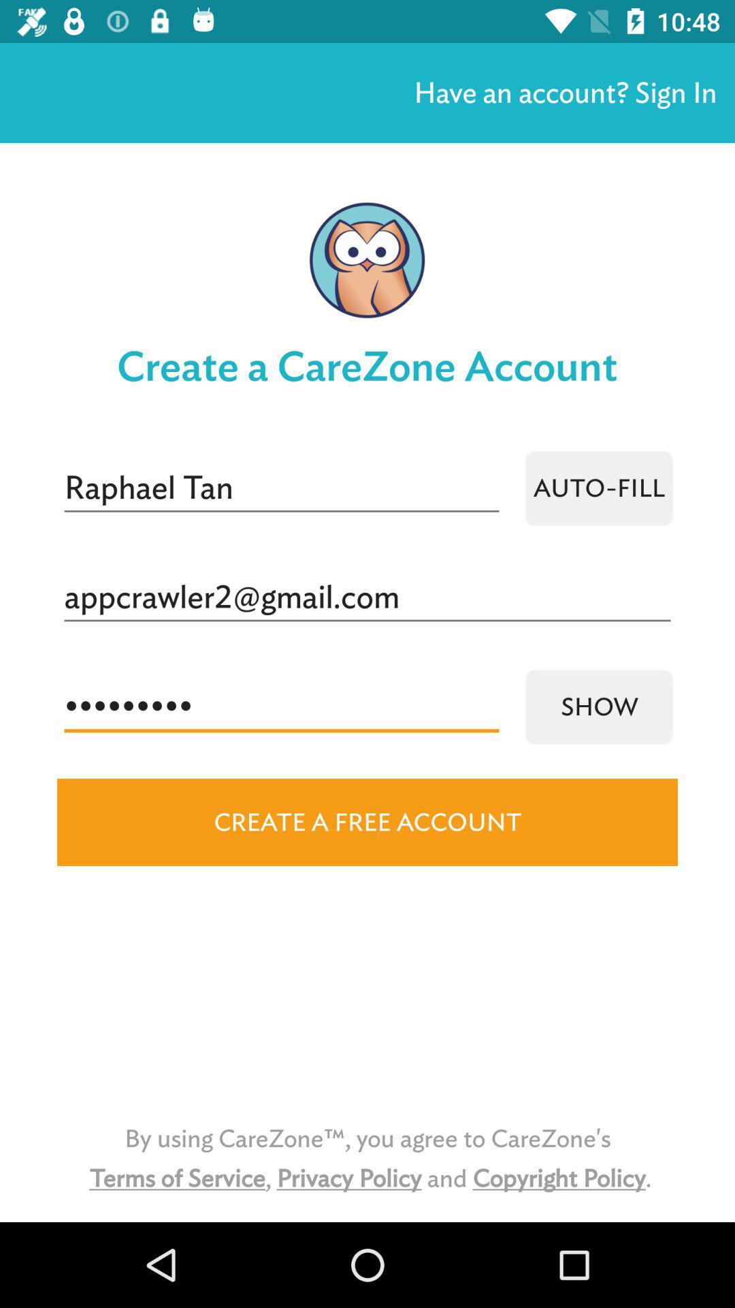 The image size is (735, 1308). I want to click on item next to the auto-fill, so click(280, 488).